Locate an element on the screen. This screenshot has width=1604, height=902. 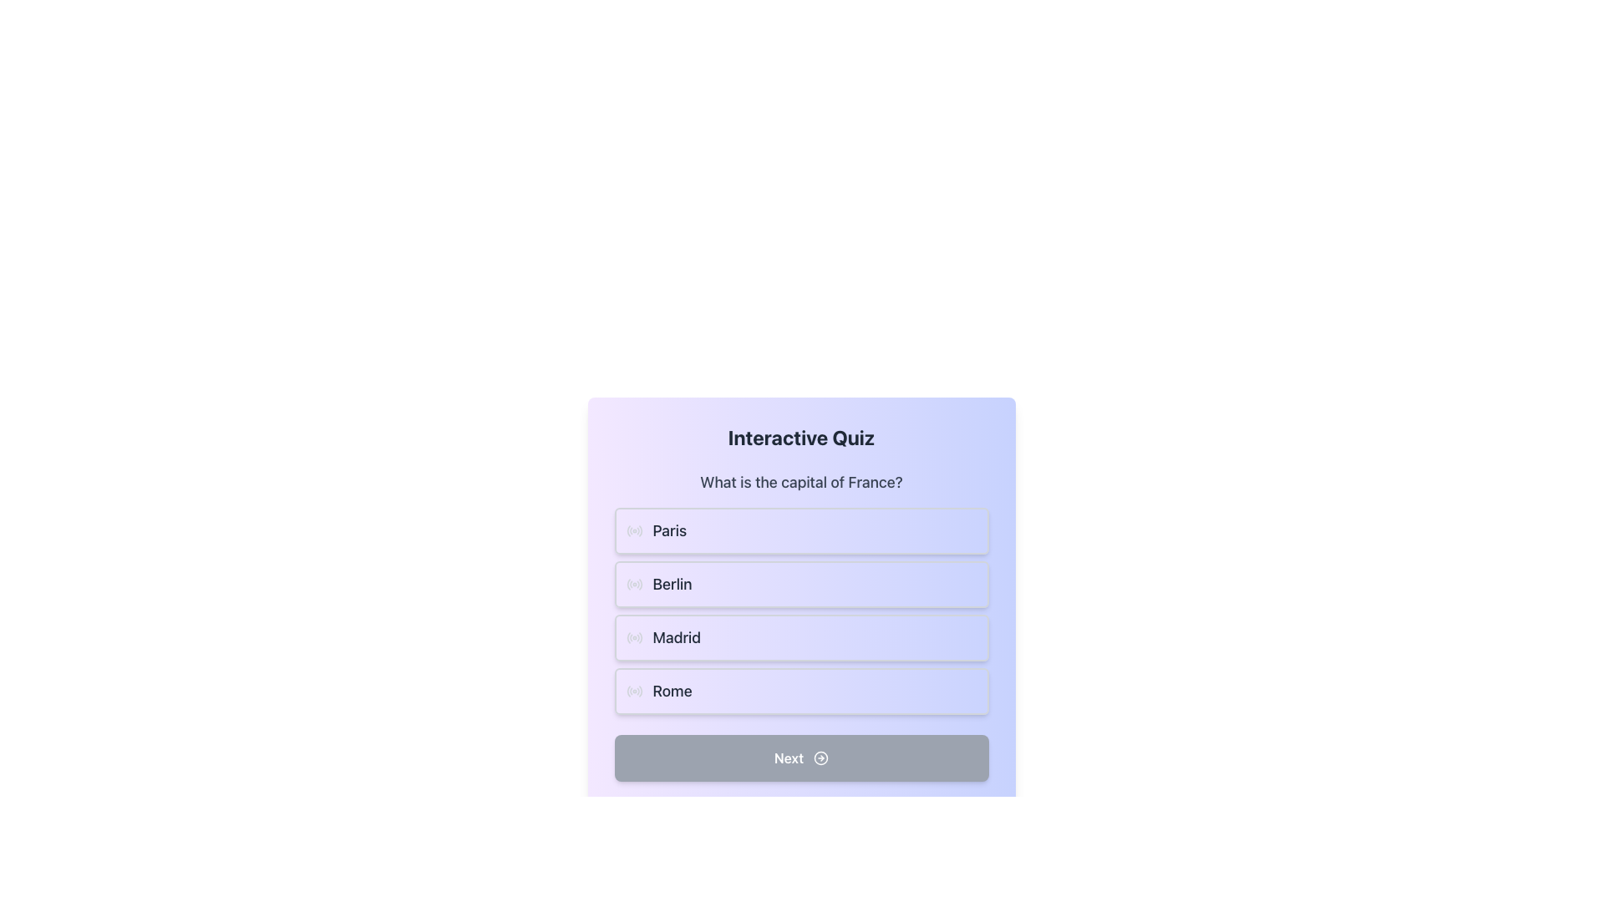
the interactive button labeled 'Madrid' is located at coordinates (800, 637).